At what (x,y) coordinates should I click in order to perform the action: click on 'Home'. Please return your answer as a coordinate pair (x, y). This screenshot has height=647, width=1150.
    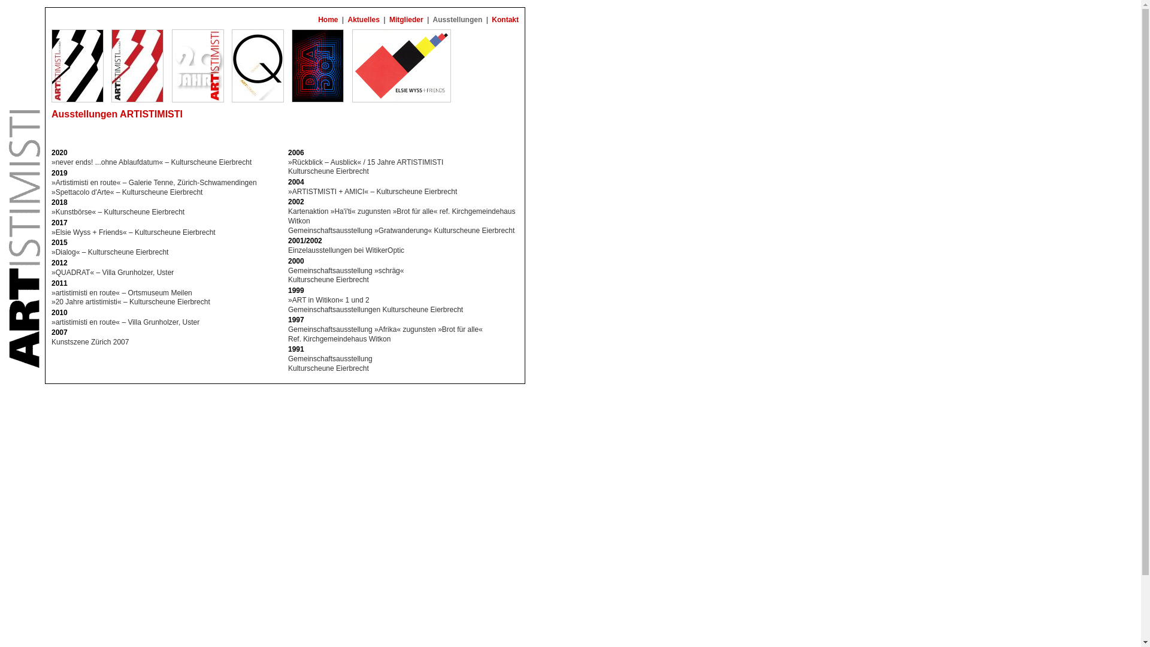
    Looking at the image, I should click on (328, 20).